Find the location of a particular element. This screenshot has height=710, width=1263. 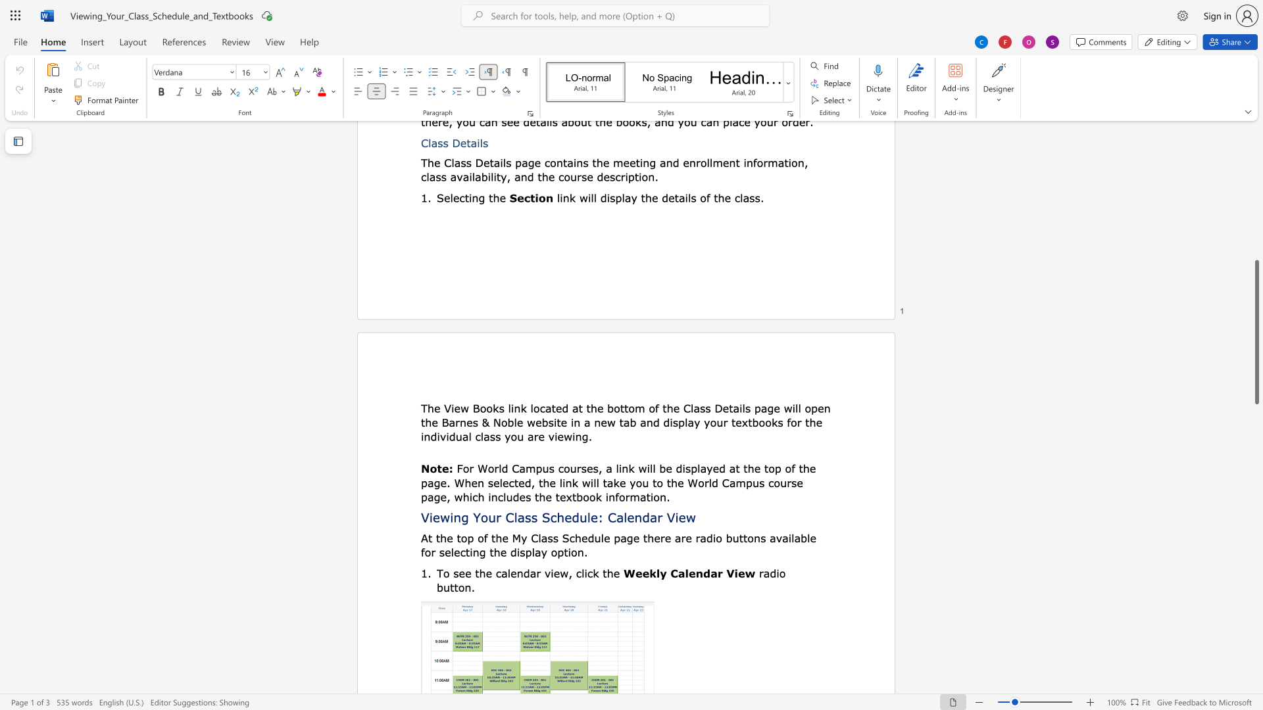

the scrollbar to move the view up is located at coordinates (1256, 203).